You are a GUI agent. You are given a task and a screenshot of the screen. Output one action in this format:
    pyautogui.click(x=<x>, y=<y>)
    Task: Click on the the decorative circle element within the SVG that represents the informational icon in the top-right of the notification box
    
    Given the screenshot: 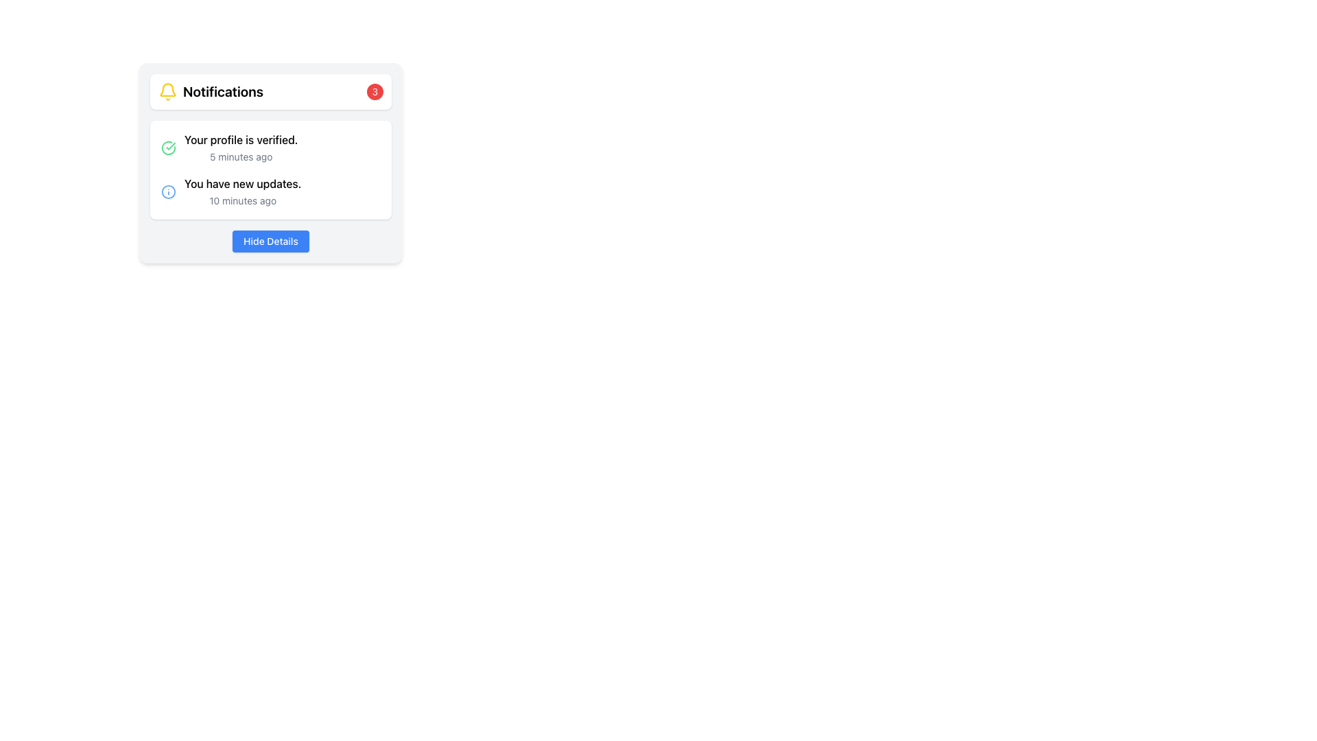 What is the action you would take?
    pyautogui.click(x=167, y=192)
    